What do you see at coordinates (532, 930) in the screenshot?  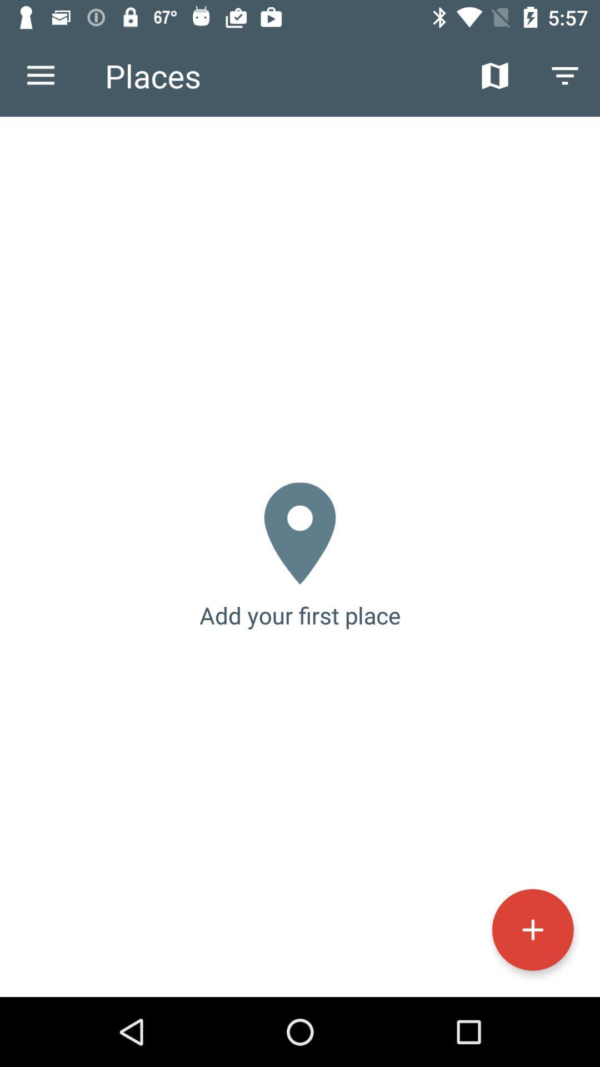 I see `item below the add your first icon` at bounding box center [532, 930].